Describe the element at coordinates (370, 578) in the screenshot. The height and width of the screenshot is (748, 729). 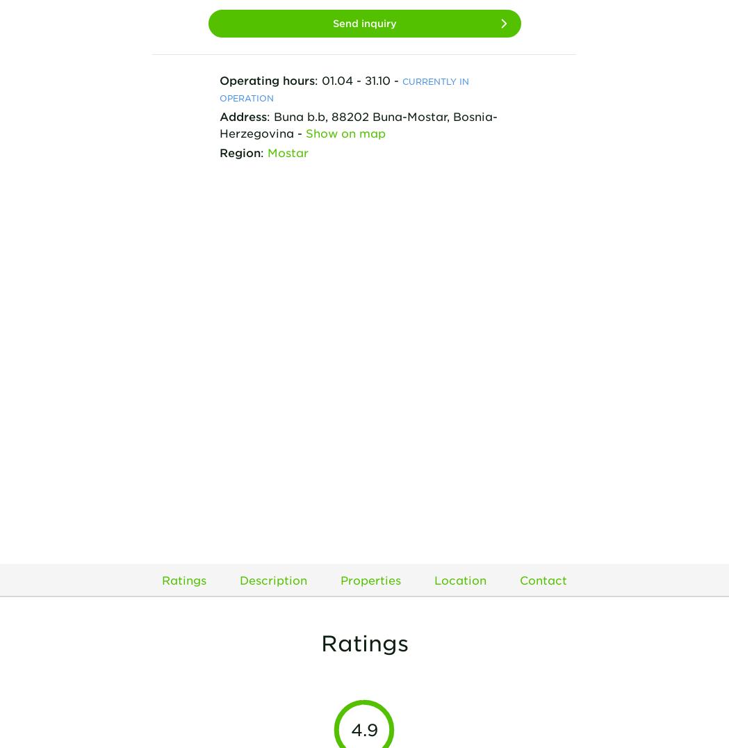
I see `'Properties'` at that location.